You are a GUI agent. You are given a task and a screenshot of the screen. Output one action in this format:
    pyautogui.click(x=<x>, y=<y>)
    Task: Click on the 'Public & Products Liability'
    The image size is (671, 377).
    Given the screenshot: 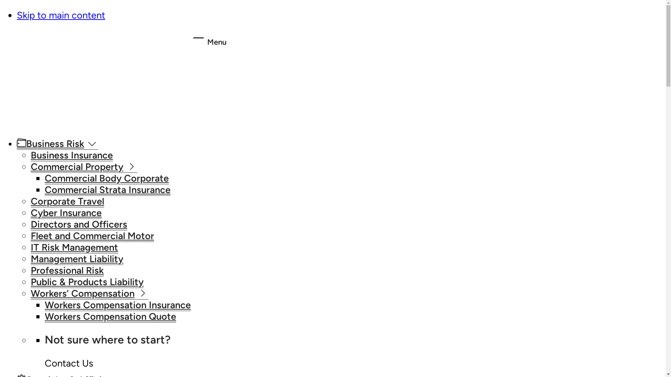 What is the action you would take?
    pyautogui.click(x=87, y=281)
    